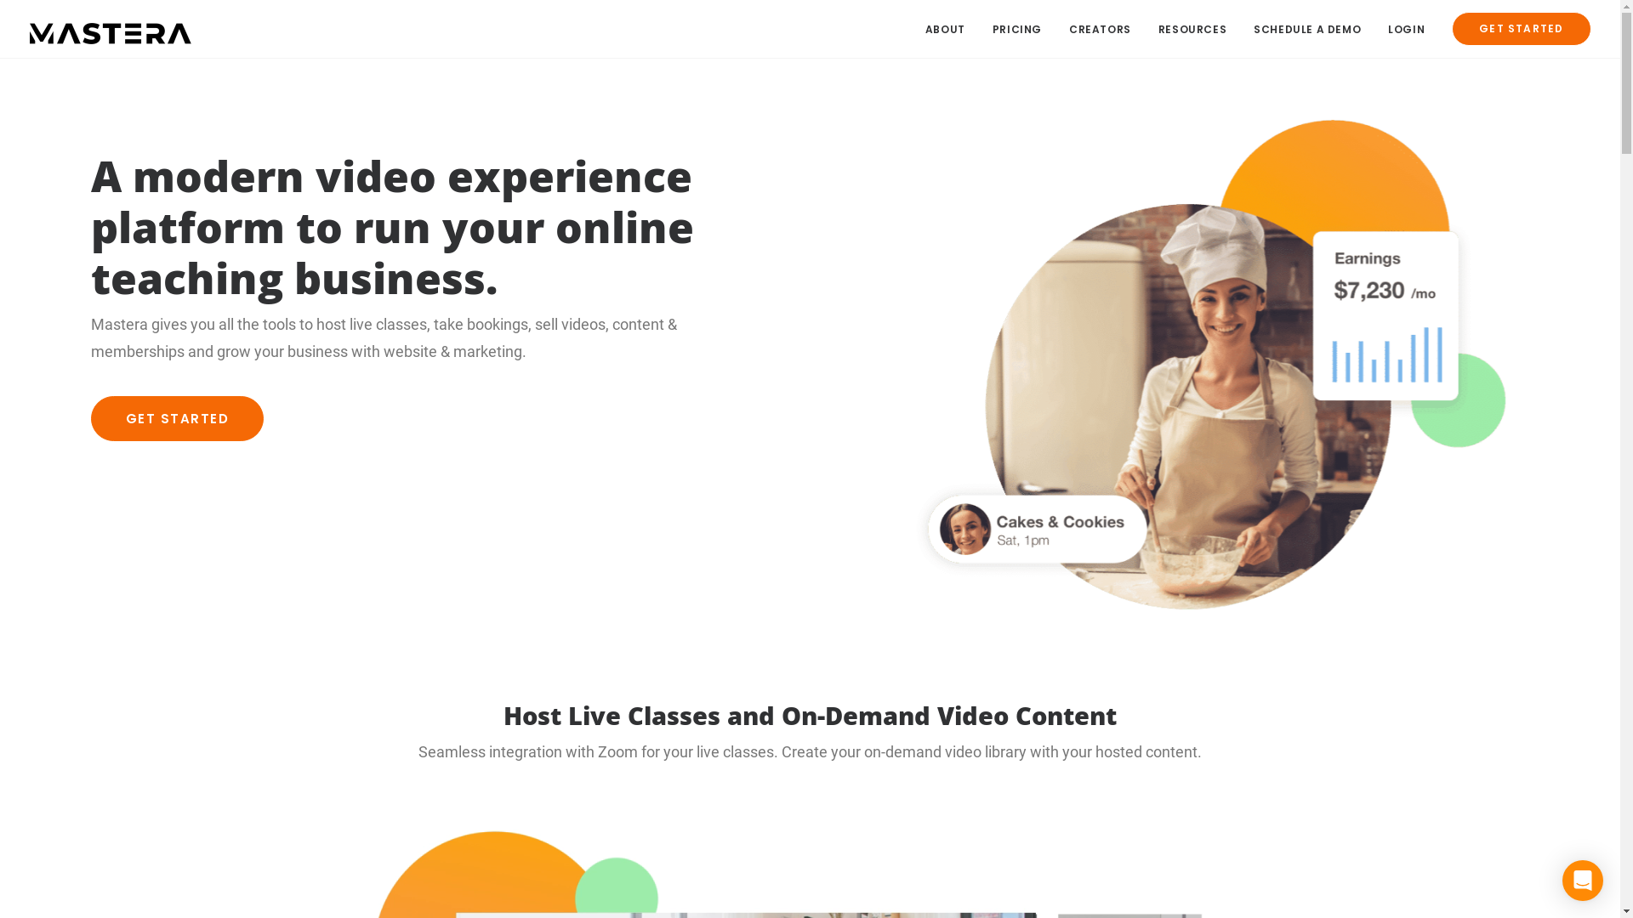 Image resolution: width=1633 pixels, height=918 pixels. What do you see at coordinates (1515, 29) in the screenshot?
I see `'GET STARTED'` at bounding box center [1515, 29].